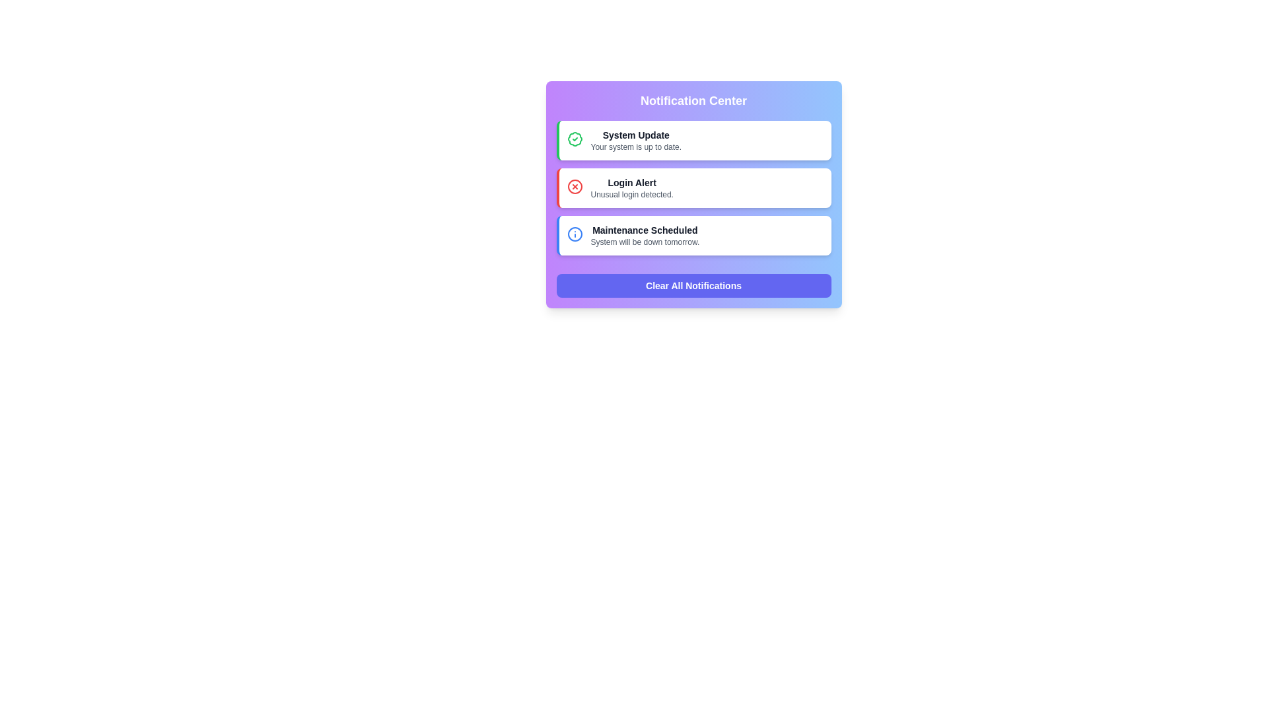 The image size is (1268, 713). What do you see at coordinates (575, 139) in the screenshot?
I see `the circular badge icon with a green check mark, located to the left of the 'System Update' notification entry in the 'Notification Center'` at bounding box center [575, 139].